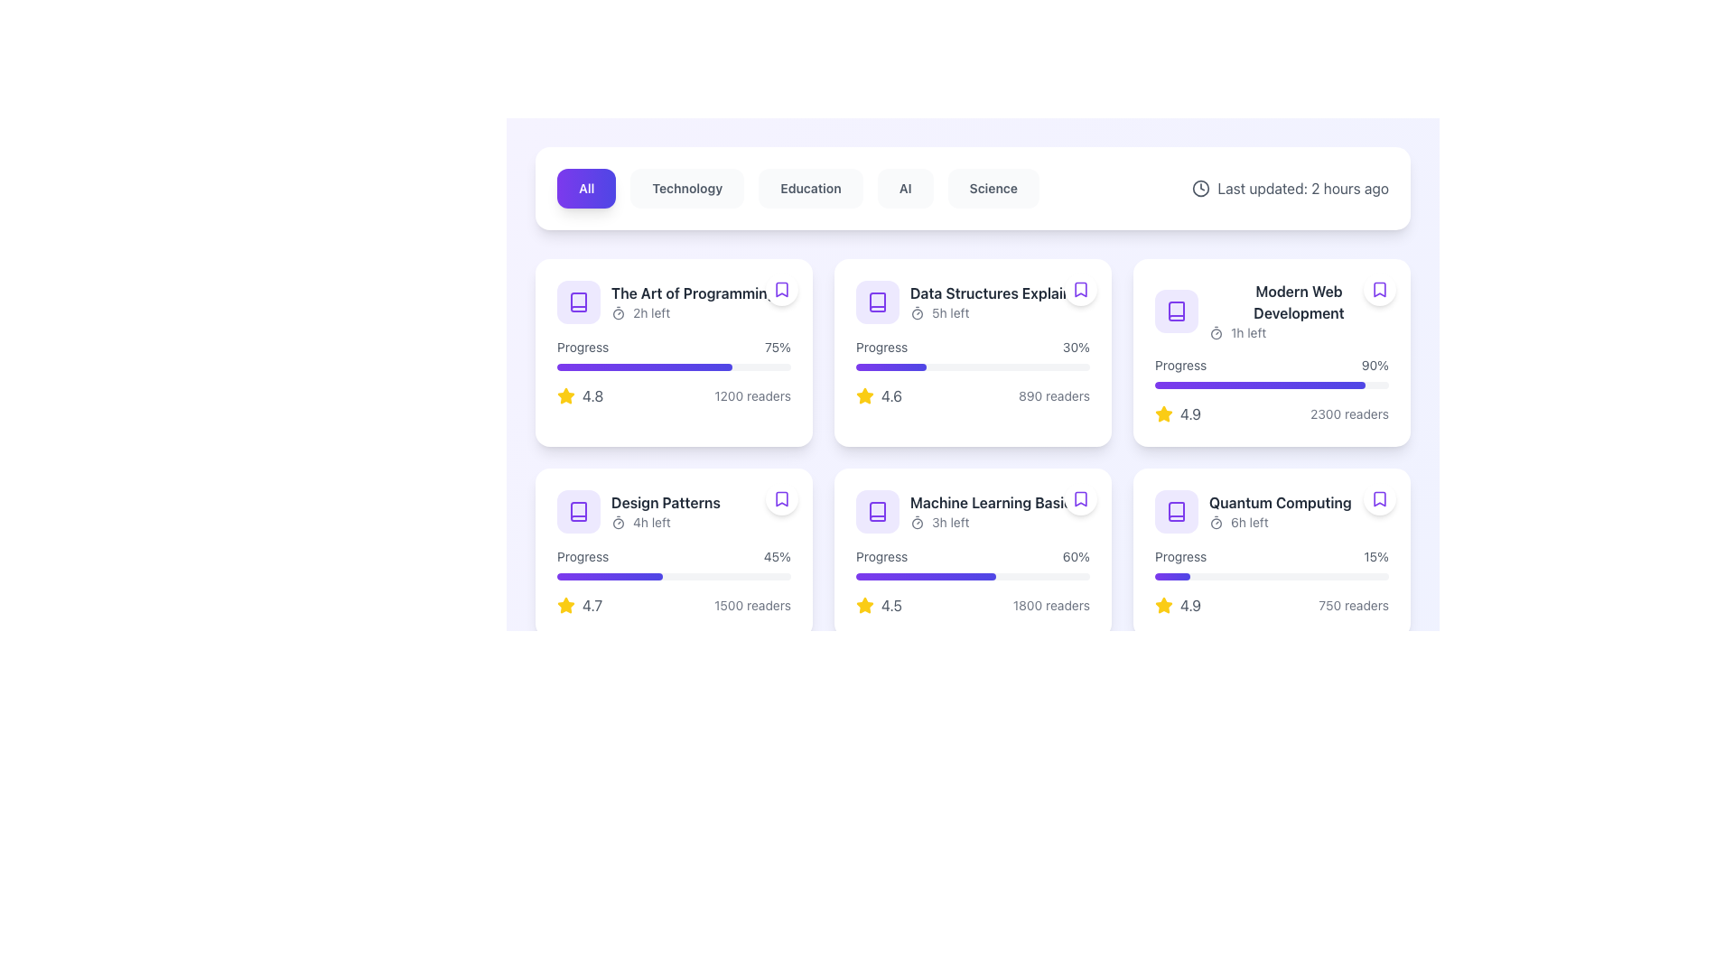  Describe the element at coordinates (879, 606) in the screenshot. I see `the Rating indicator for the 'Machine Learning Basics' card, which features a yellow filled star icon and the text '4.5' in gray color, located in the lower left part of the card` at that location.